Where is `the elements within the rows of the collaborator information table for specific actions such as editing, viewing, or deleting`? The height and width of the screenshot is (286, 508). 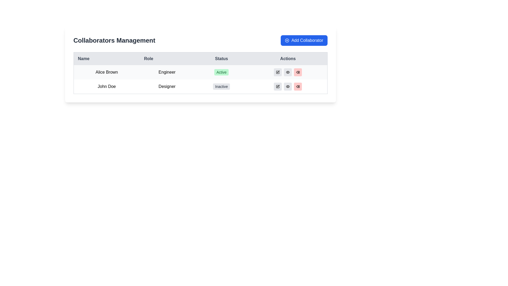 the elements within the rows of the collaborator information table for specific actions such as editing, viewing, or deleting is located at coordinates (200, 73).